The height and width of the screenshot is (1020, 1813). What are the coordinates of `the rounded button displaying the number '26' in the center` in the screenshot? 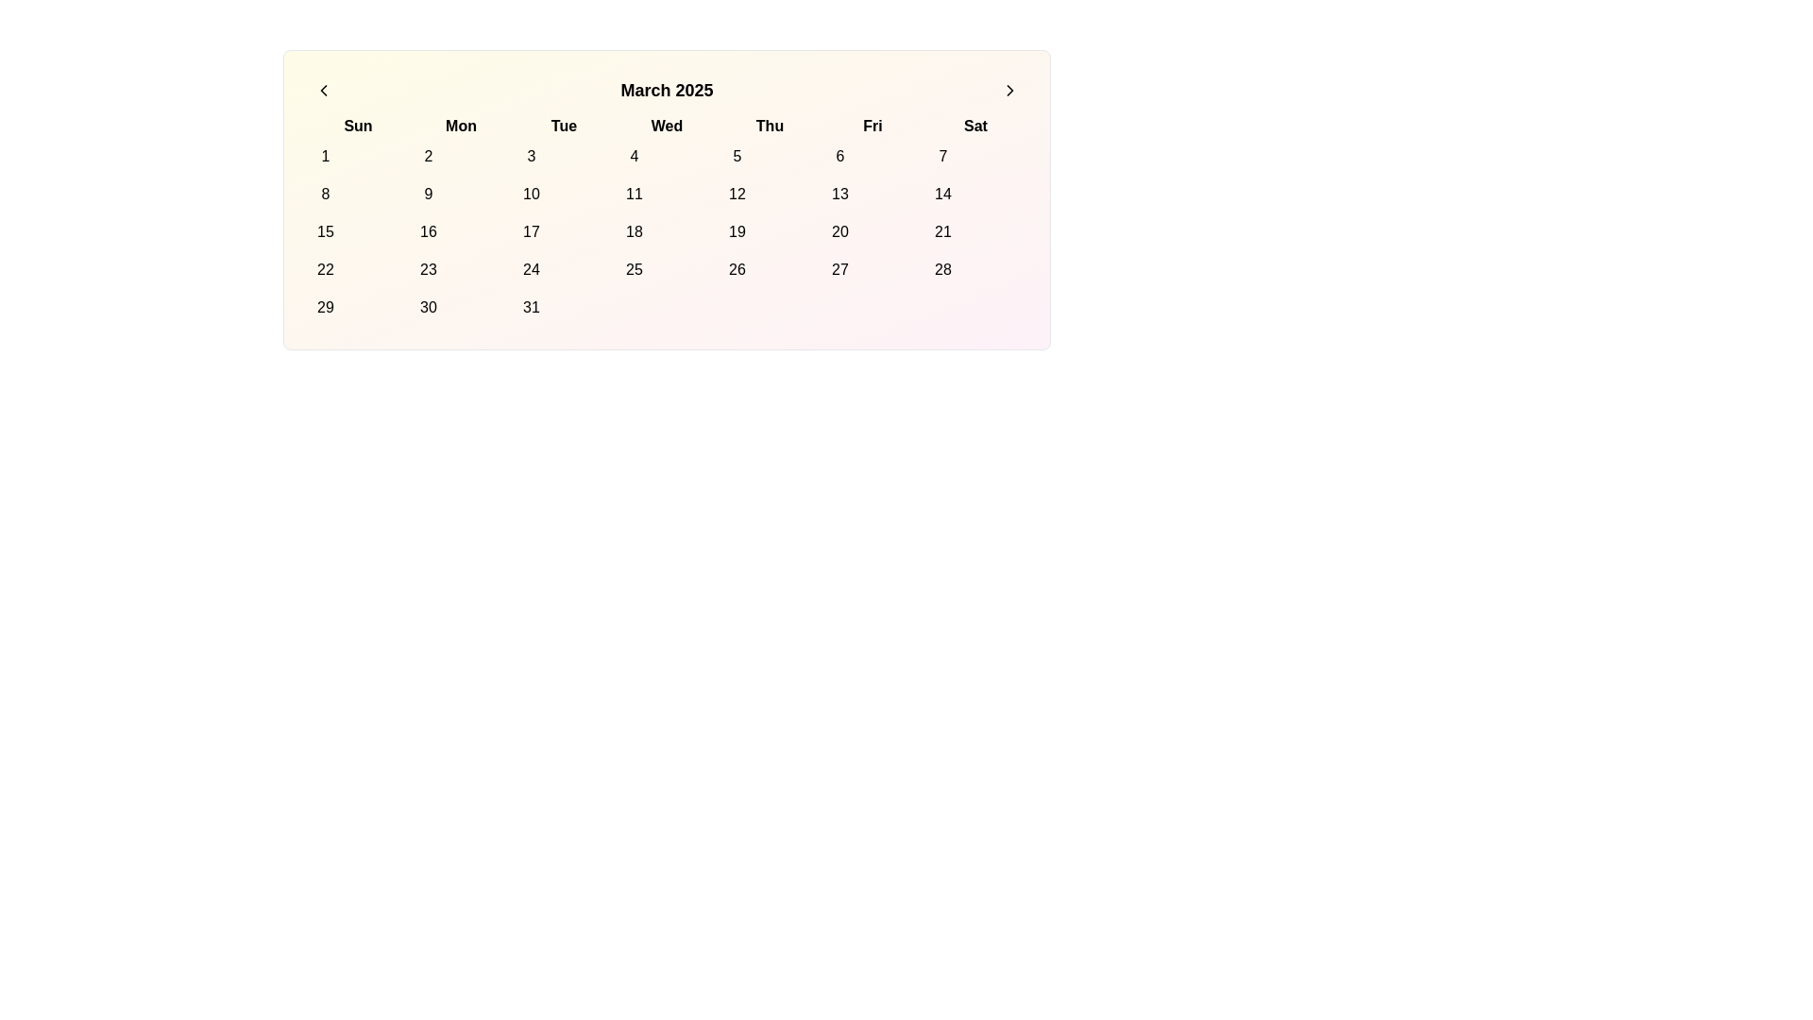 It's located at (737, 269).